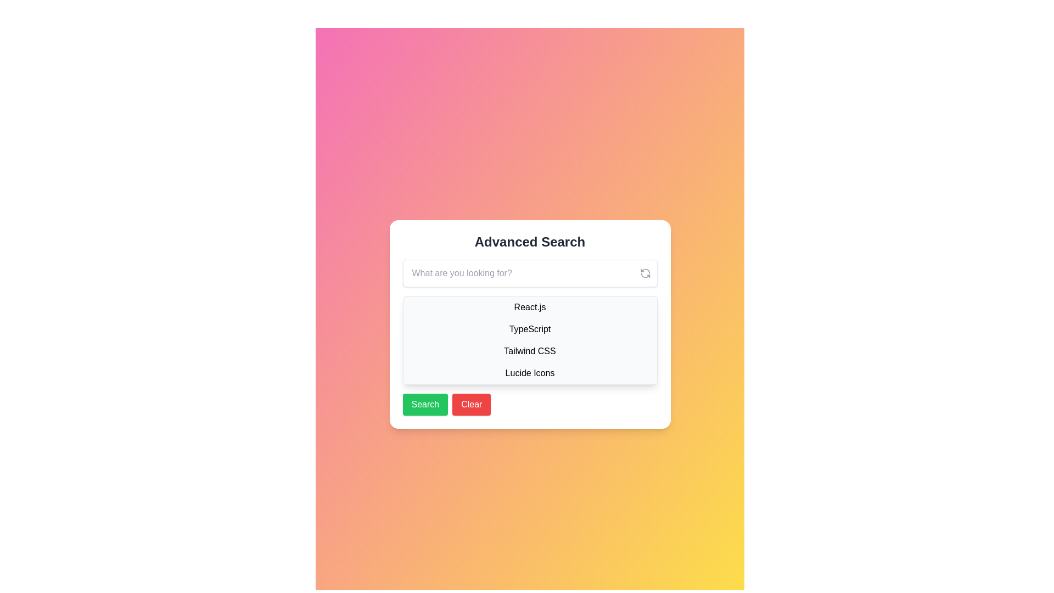 The image size is (1054, 593). Describe the element at coordinates (530, 372) in the screenshot. I see `the 'Lucide Icons' option in the dropdown menu to activate it` at that location.